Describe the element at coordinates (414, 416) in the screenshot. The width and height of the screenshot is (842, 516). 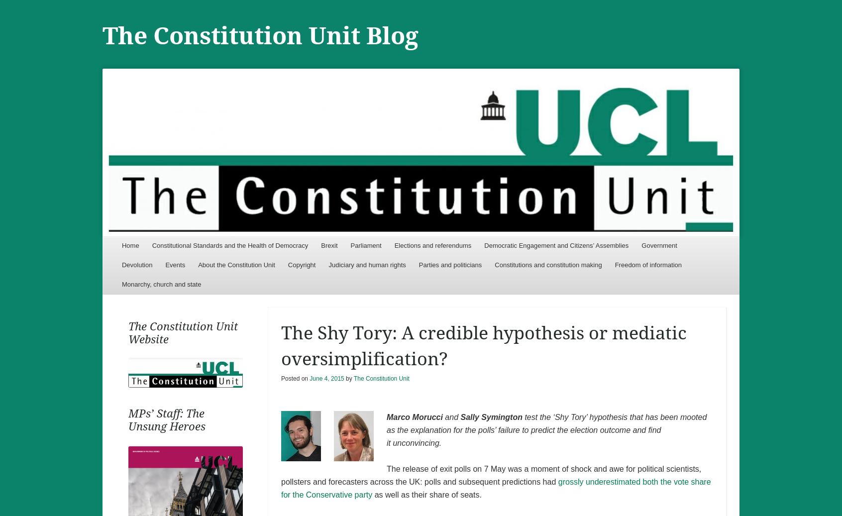
I see `'Marco Morucci'` at that location.